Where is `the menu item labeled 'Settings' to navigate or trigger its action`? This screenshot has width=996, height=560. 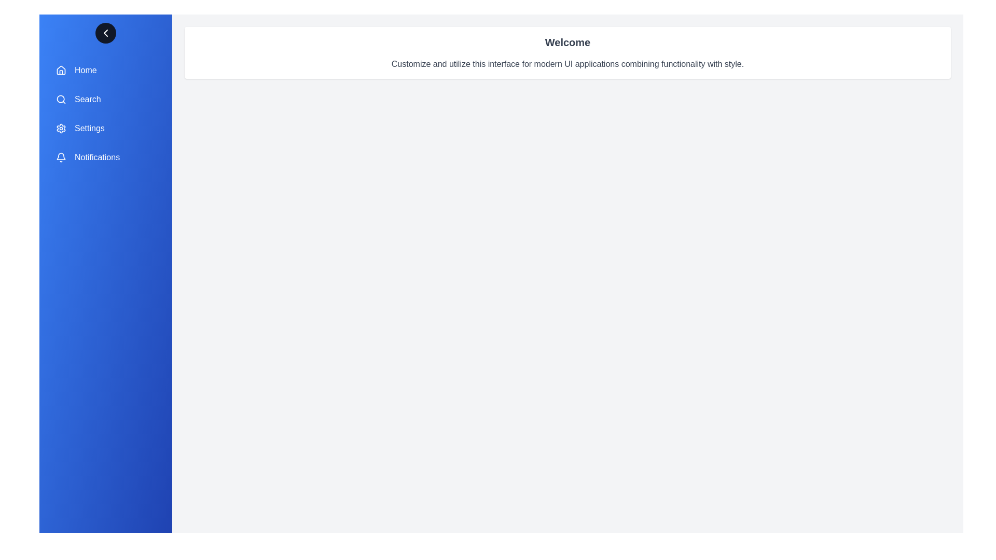
the menu item labeled 'Settings' to navigate or trigger its action is located at coordinates (105, 128).